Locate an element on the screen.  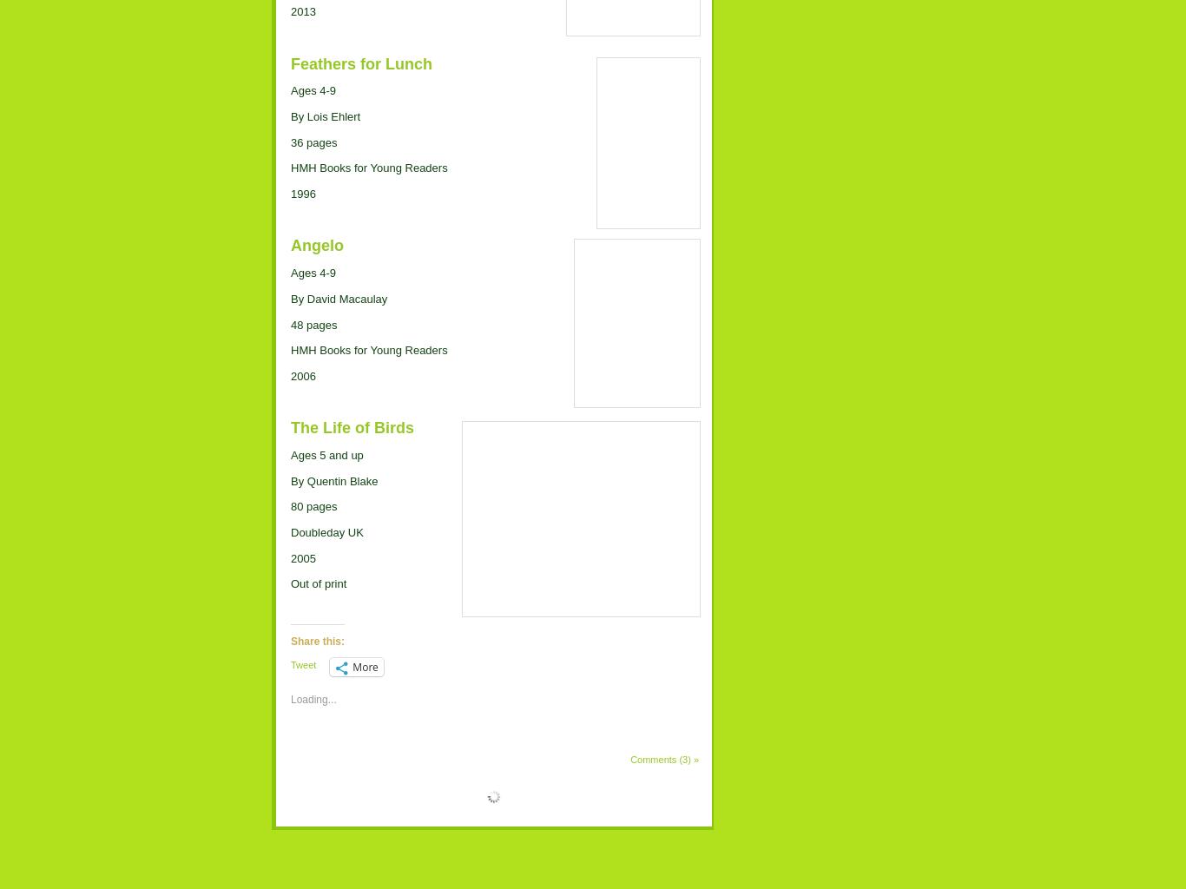
'2013' is located at coordinates (302, 11).